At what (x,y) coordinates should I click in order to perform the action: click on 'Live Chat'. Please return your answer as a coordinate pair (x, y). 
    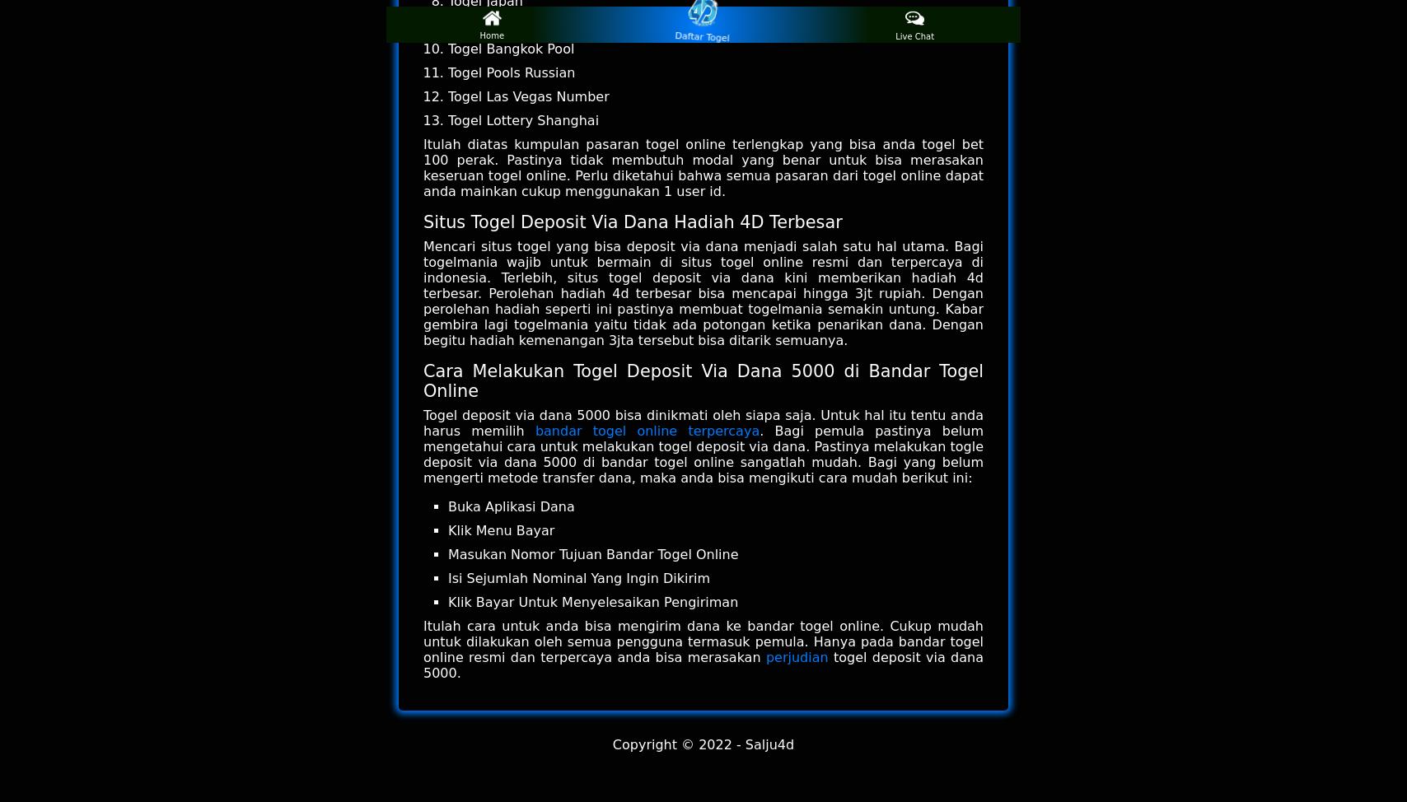
    Looking at the image, I should click on (914, 36).